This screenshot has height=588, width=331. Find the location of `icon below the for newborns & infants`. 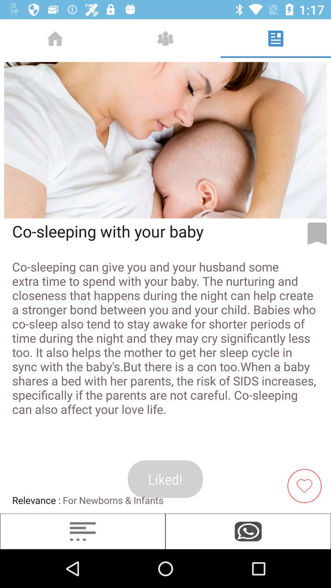

icon below the for newborns & infants is located at coordinates (248, 531).